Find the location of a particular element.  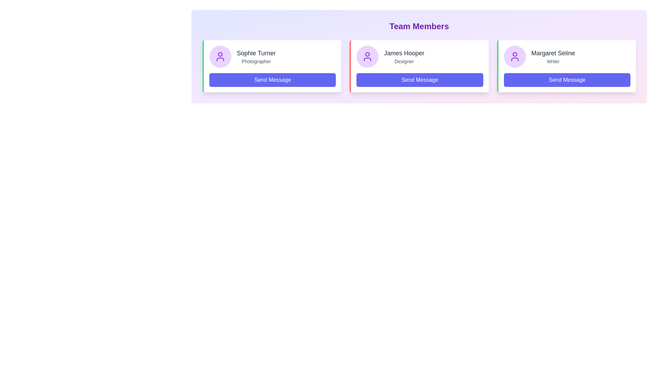

the Text Label identifying a team member in the upper-right card of the 'Team Members' section, located above the subtitle 'Writer' is located at coordinates (553, 53).